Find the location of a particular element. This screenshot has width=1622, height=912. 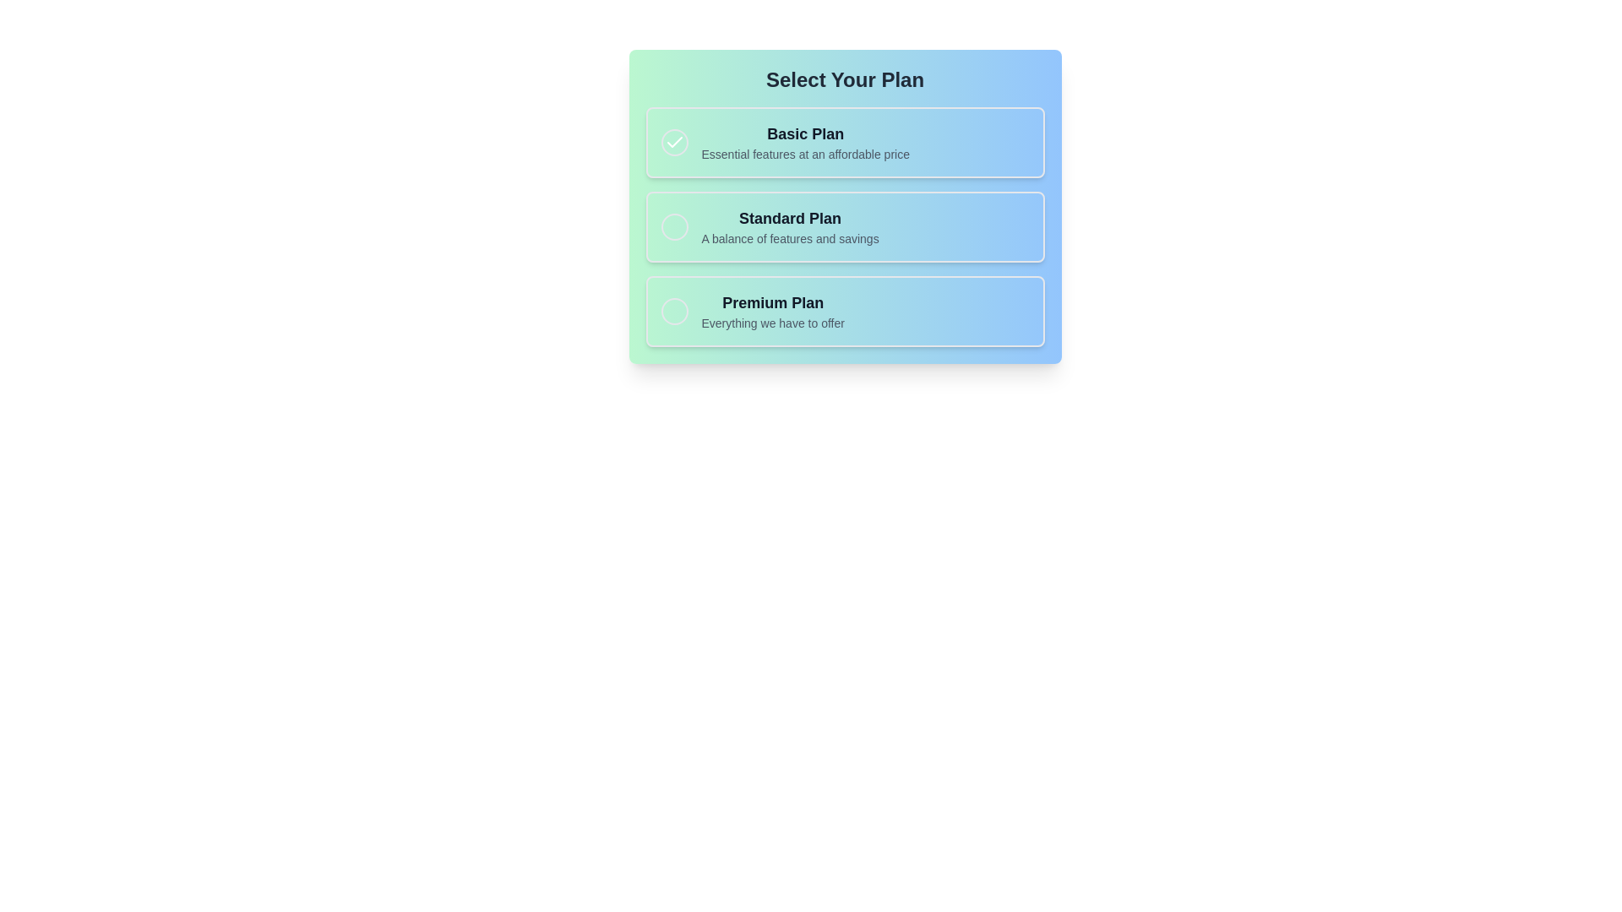

the static text label that displays 'Standard Plan' in bold, large black font, located in the middle card of the 'Select Your Plan' section is located at coordinates (789, 217).